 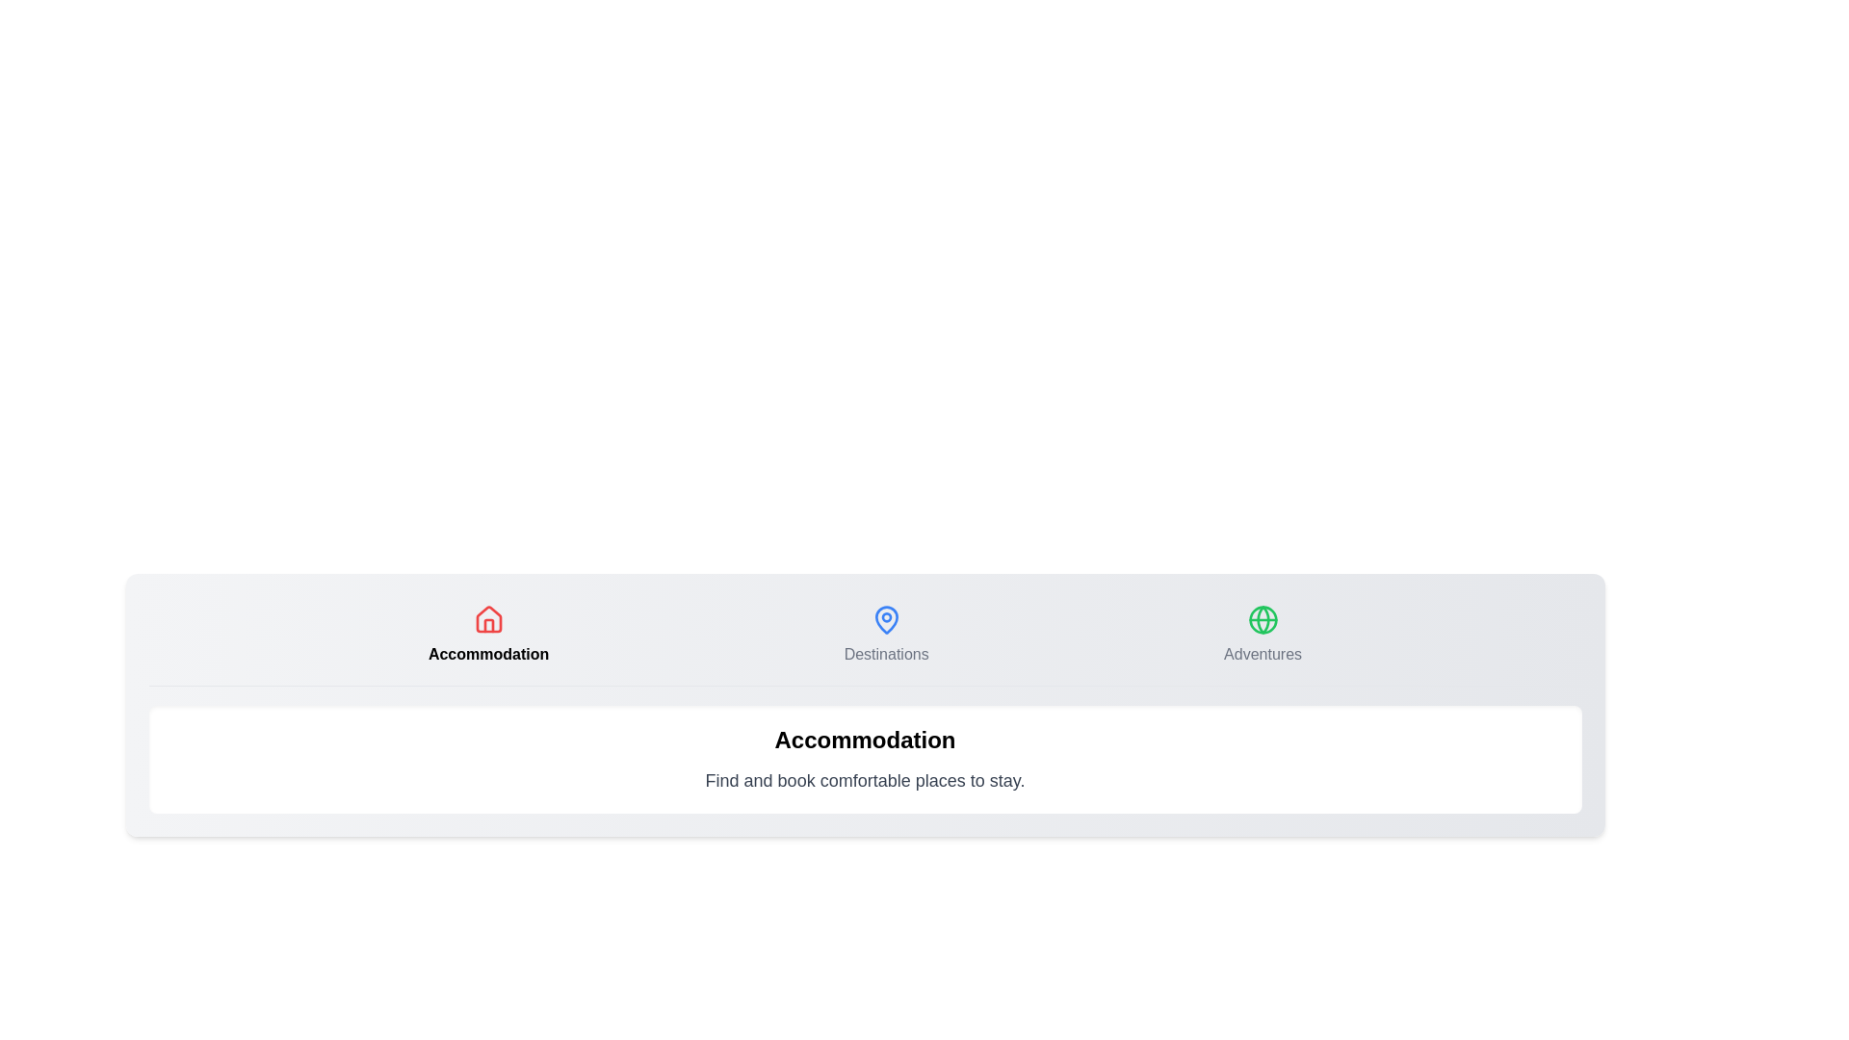 What do you see at coordinates (488, 635) in the screenshot?
I see `the Accommodation tab` at bounding box center [488, 635].